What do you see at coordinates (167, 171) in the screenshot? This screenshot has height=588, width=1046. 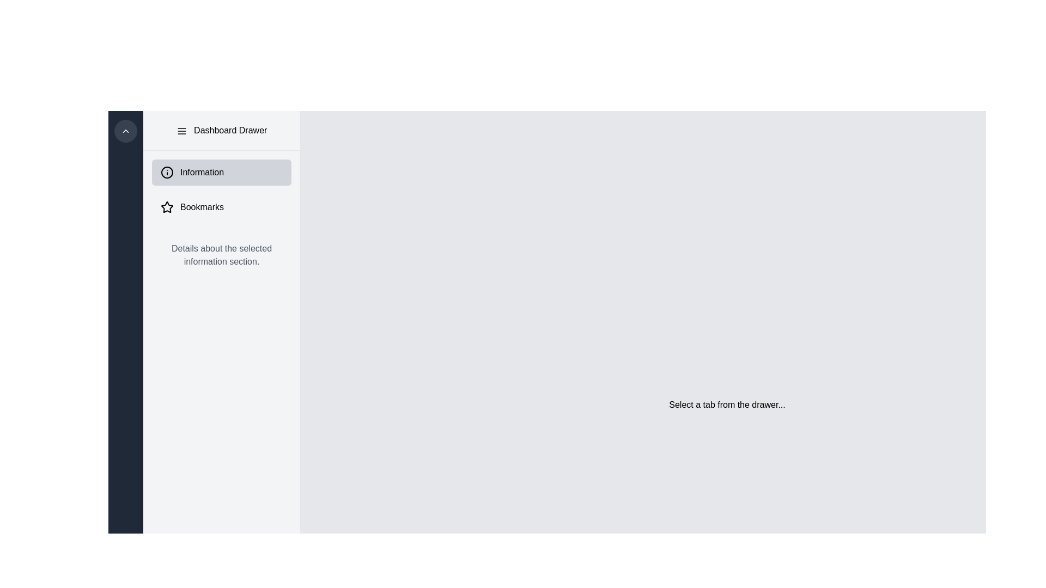 I see `the icon that serves as a visual identifier for the 'Information' section of the navigation drawer, positioned to the left of the text 'Information'` at bounding box center [167, 171].